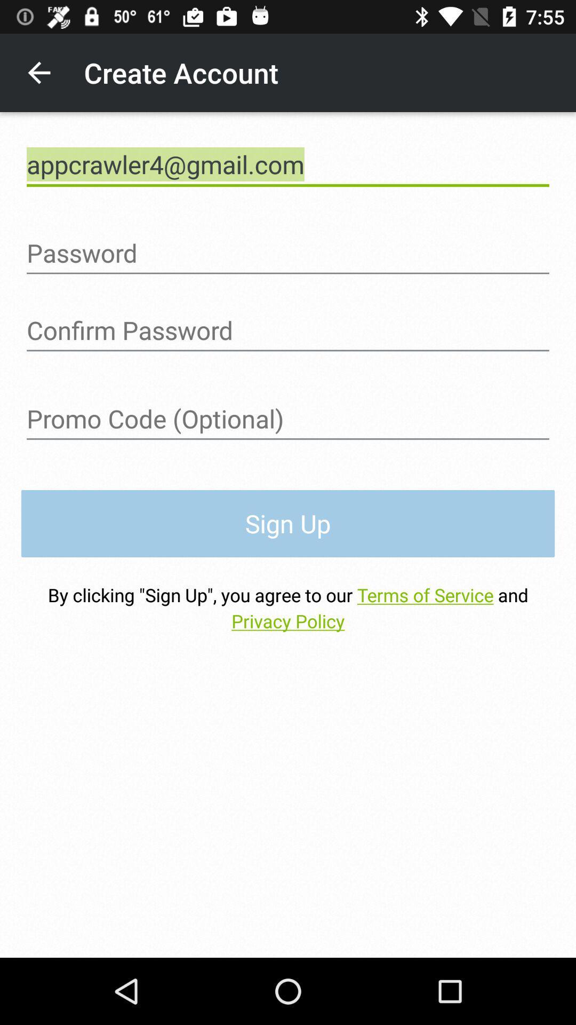 Image resolution: width=576 pixels, height=1025 pixels. I want to click on input promo code, so click(288, 419).